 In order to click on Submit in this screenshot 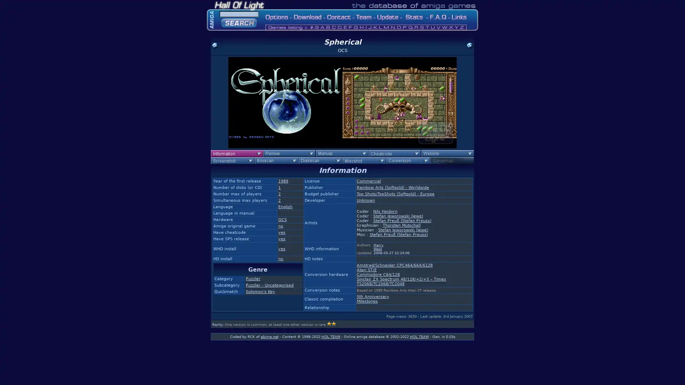, I will do `click(239, 22)`.